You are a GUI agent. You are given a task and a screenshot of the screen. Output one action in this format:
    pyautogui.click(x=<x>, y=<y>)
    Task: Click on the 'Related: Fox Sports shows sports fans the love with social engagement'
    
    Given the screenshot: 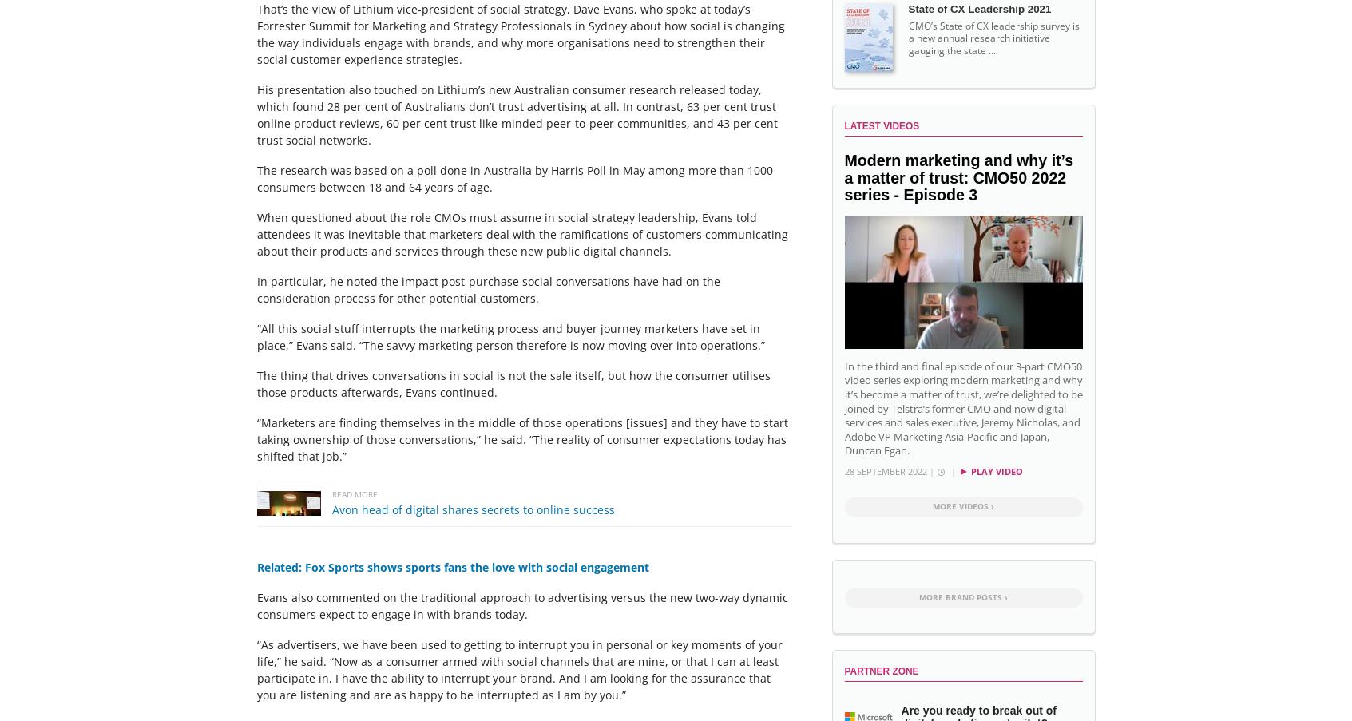 What is the action you would take?
    pyautogui.click(x=255, y=565)
    